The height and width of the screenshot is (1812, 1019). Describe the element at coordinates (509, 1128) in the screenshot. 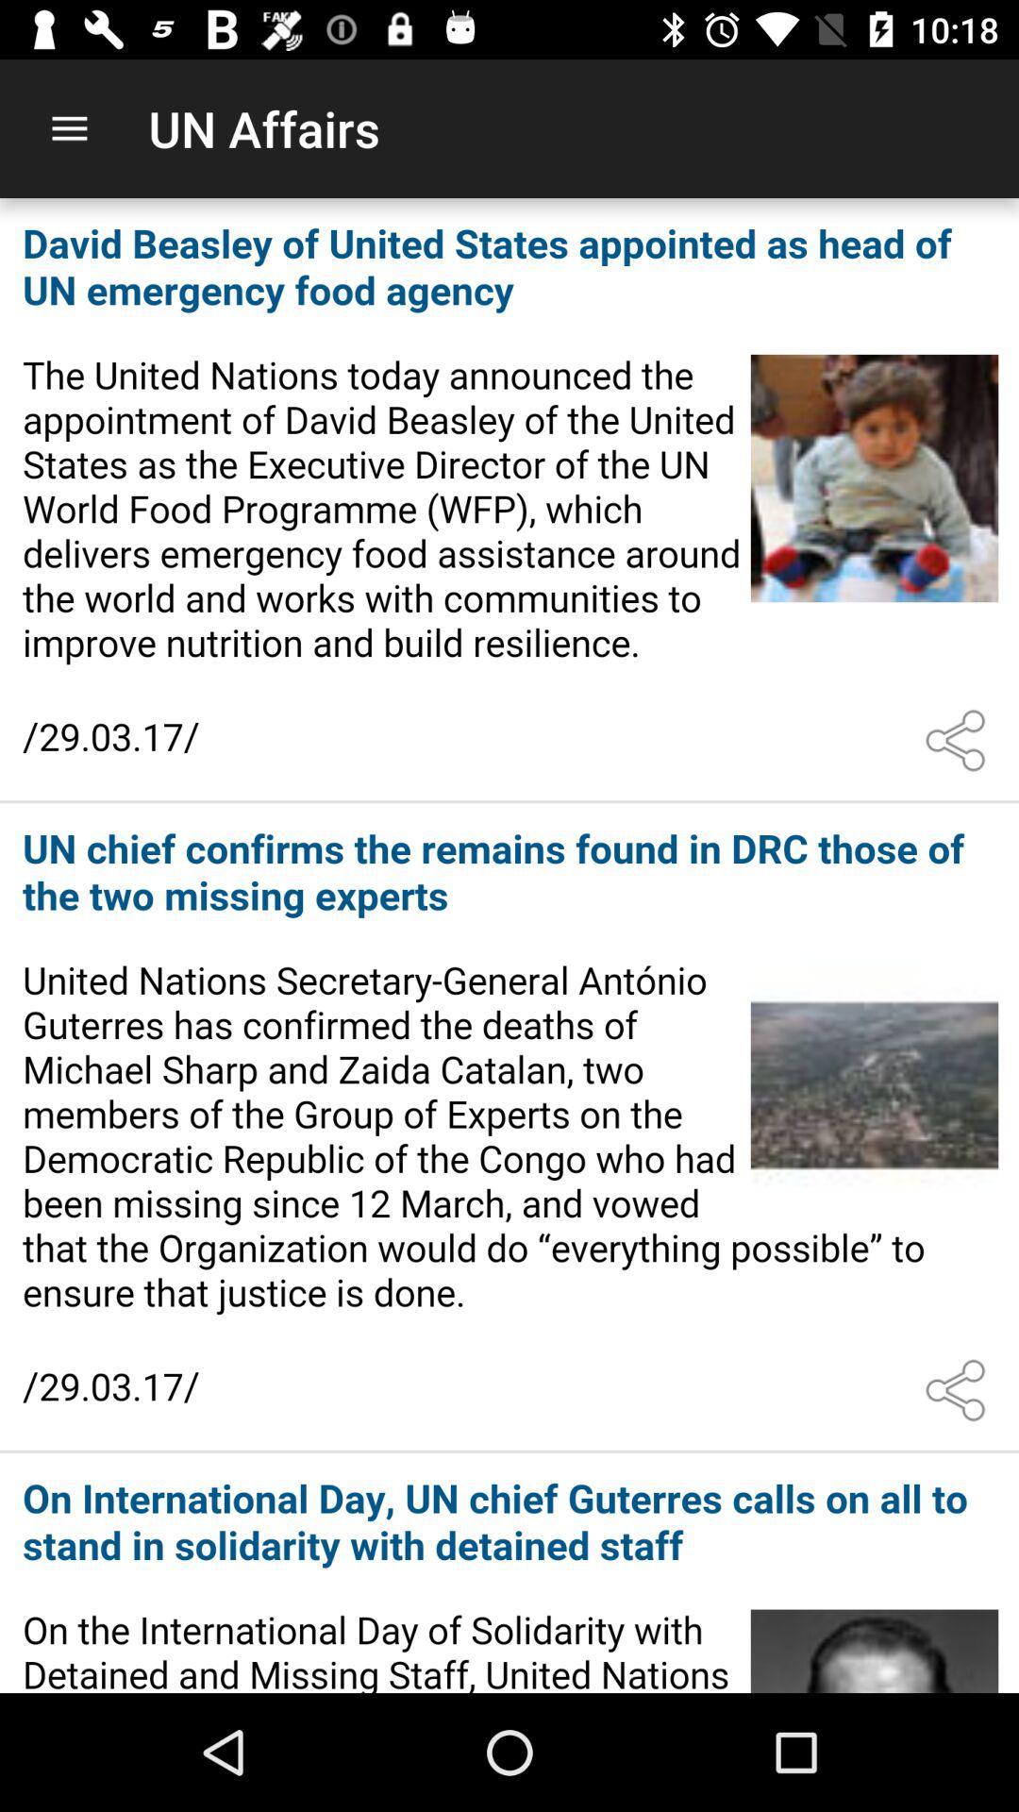

I see `full article` at that location.